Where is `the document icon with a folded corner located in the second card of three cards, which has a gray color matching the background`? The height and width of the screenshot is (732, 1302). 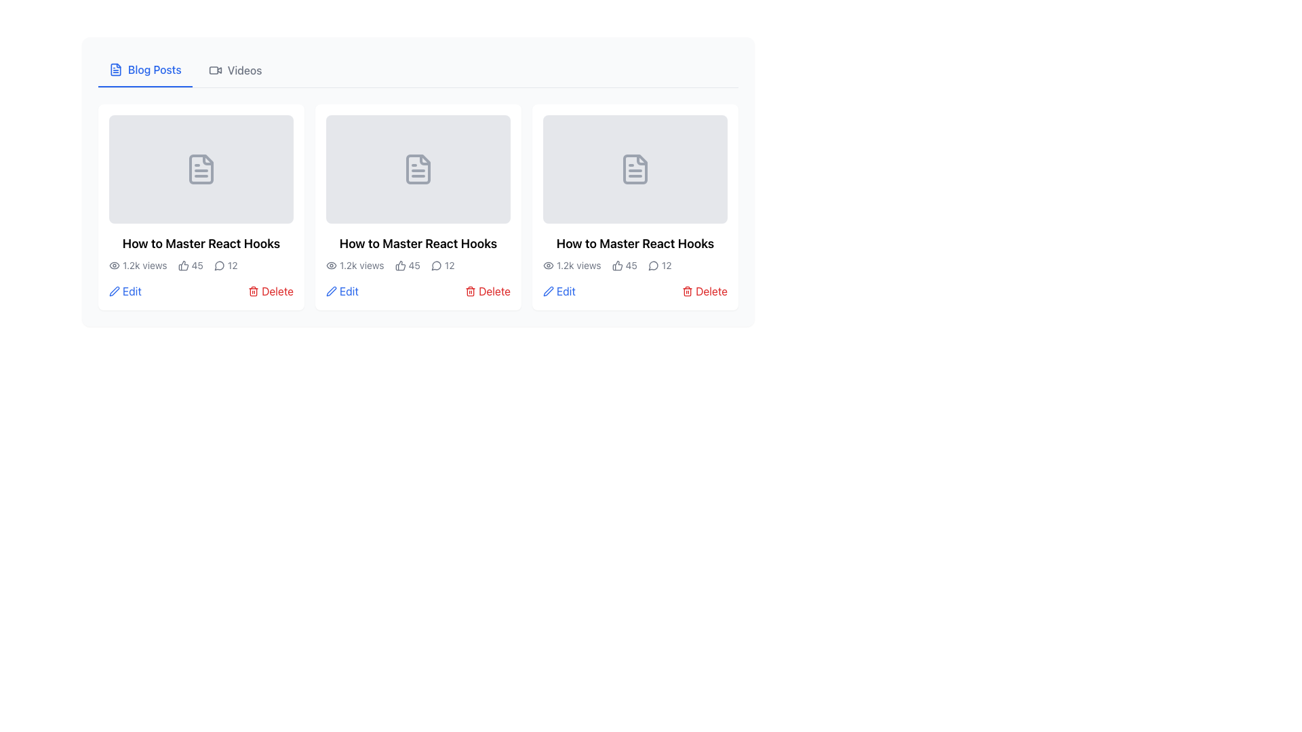 the document icon with a folded corner located in the second card of three cards, which has a gray color matching the background is located at coordinates (418, 169).